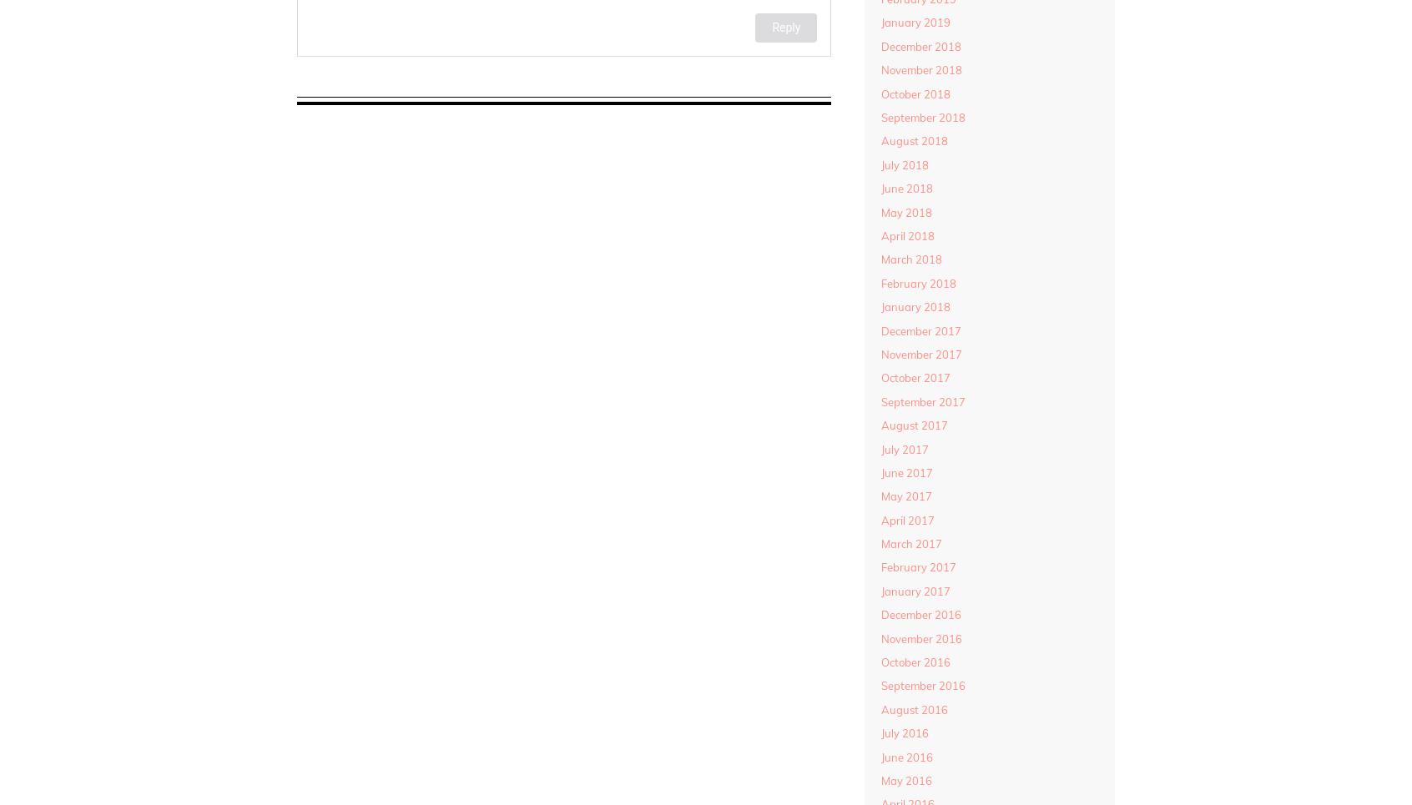 Image resolution: width=1412 pixels, height=805 pixels. I want to click on 'December 2018', so click(920, 46).